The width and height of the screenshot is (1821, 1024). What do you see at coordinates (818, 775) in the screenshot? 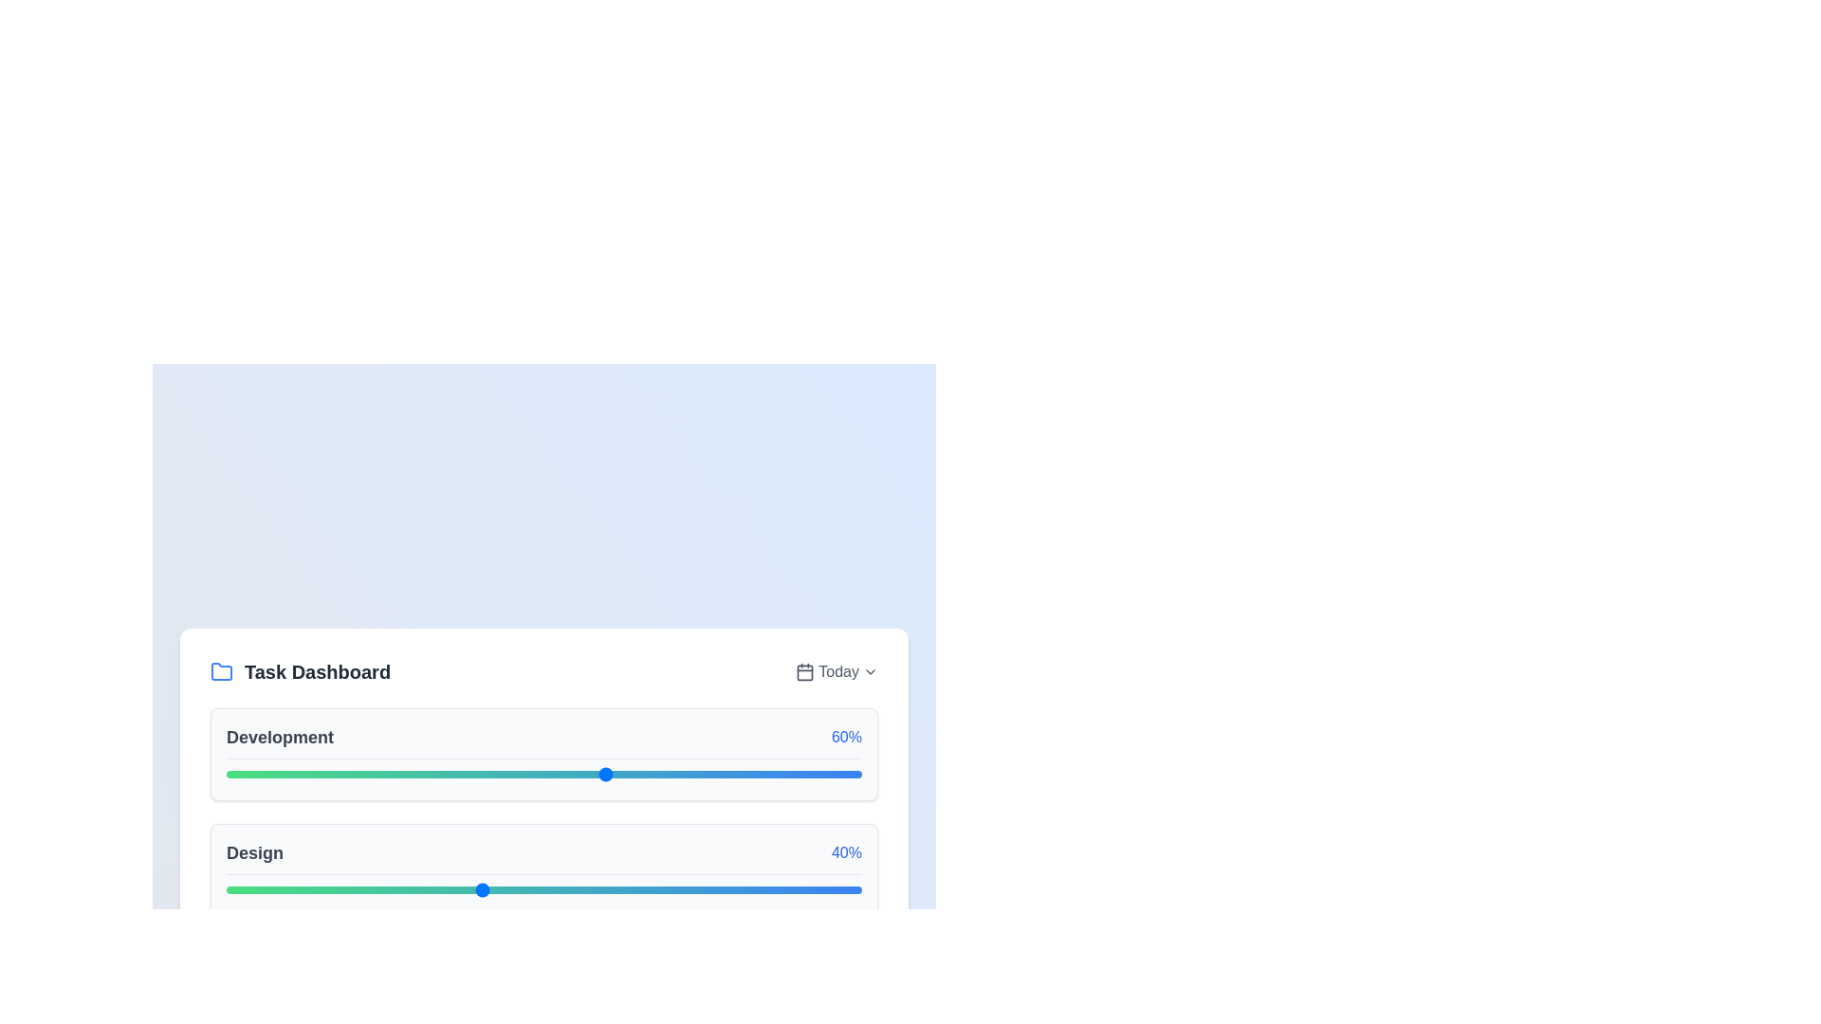
I see `the slider` at bounding box center [818, 775].